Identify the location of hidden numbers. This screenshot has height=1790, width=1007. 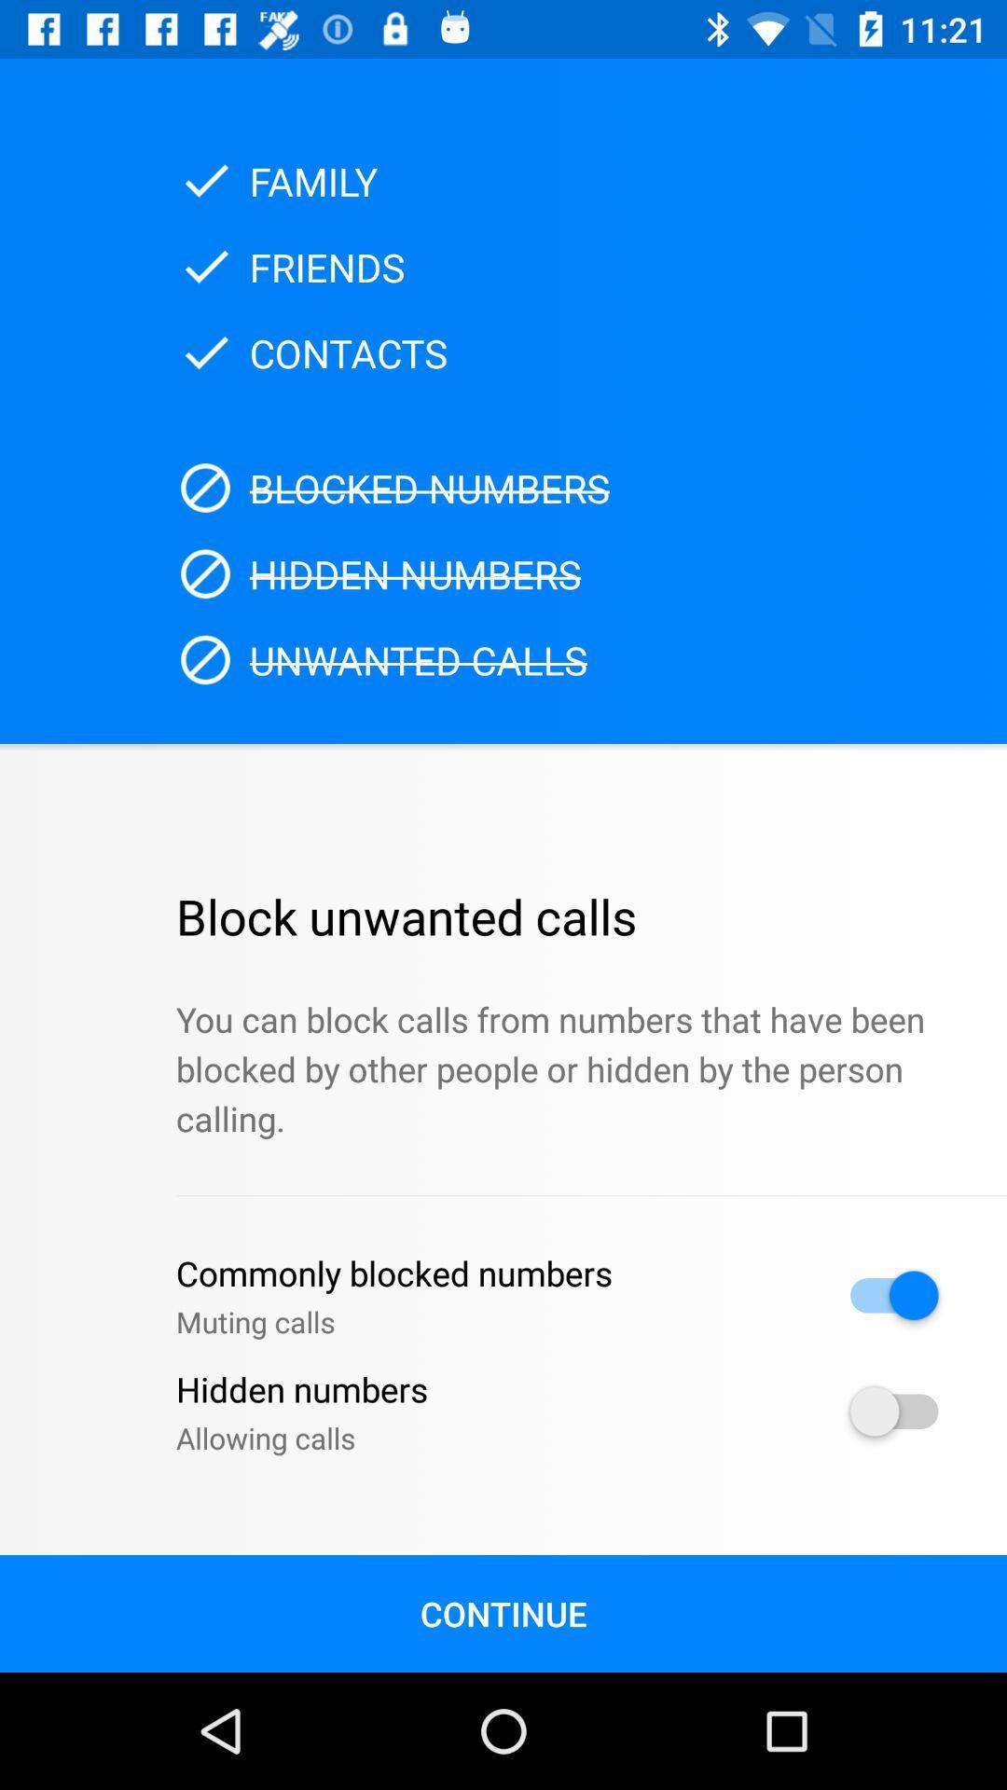
(893, 1411).